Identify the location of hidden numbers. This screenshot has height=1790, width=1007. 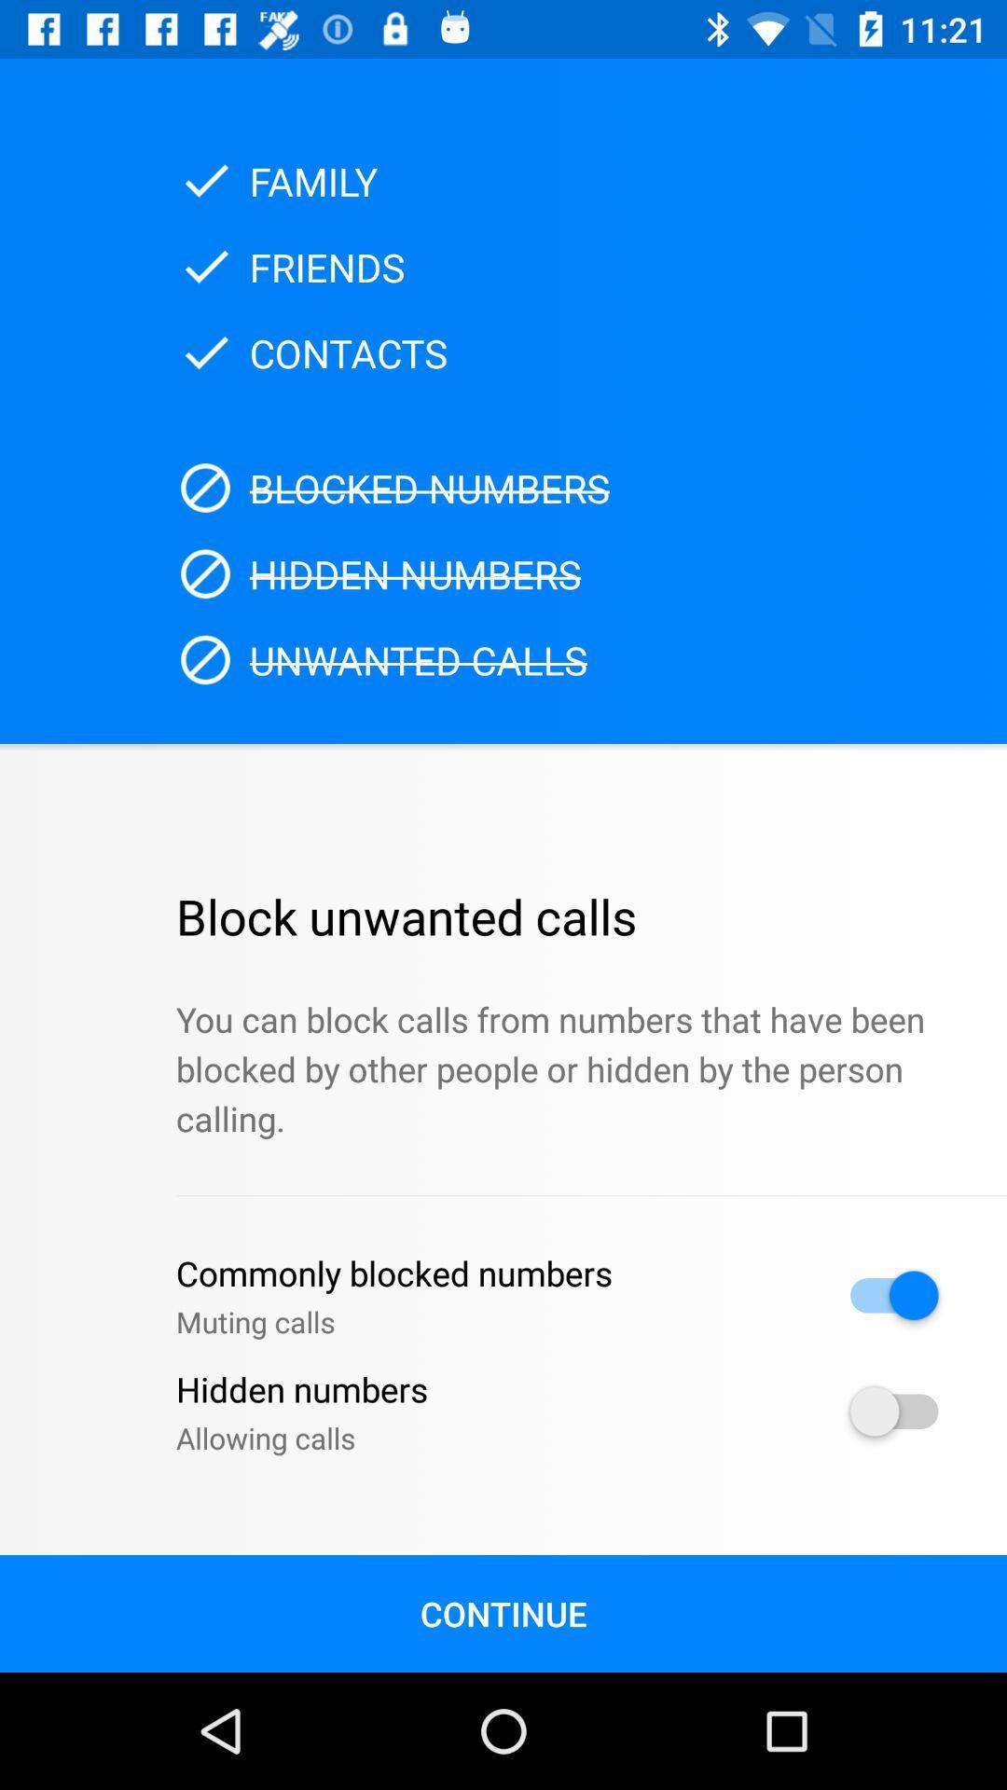
(893, 1411).